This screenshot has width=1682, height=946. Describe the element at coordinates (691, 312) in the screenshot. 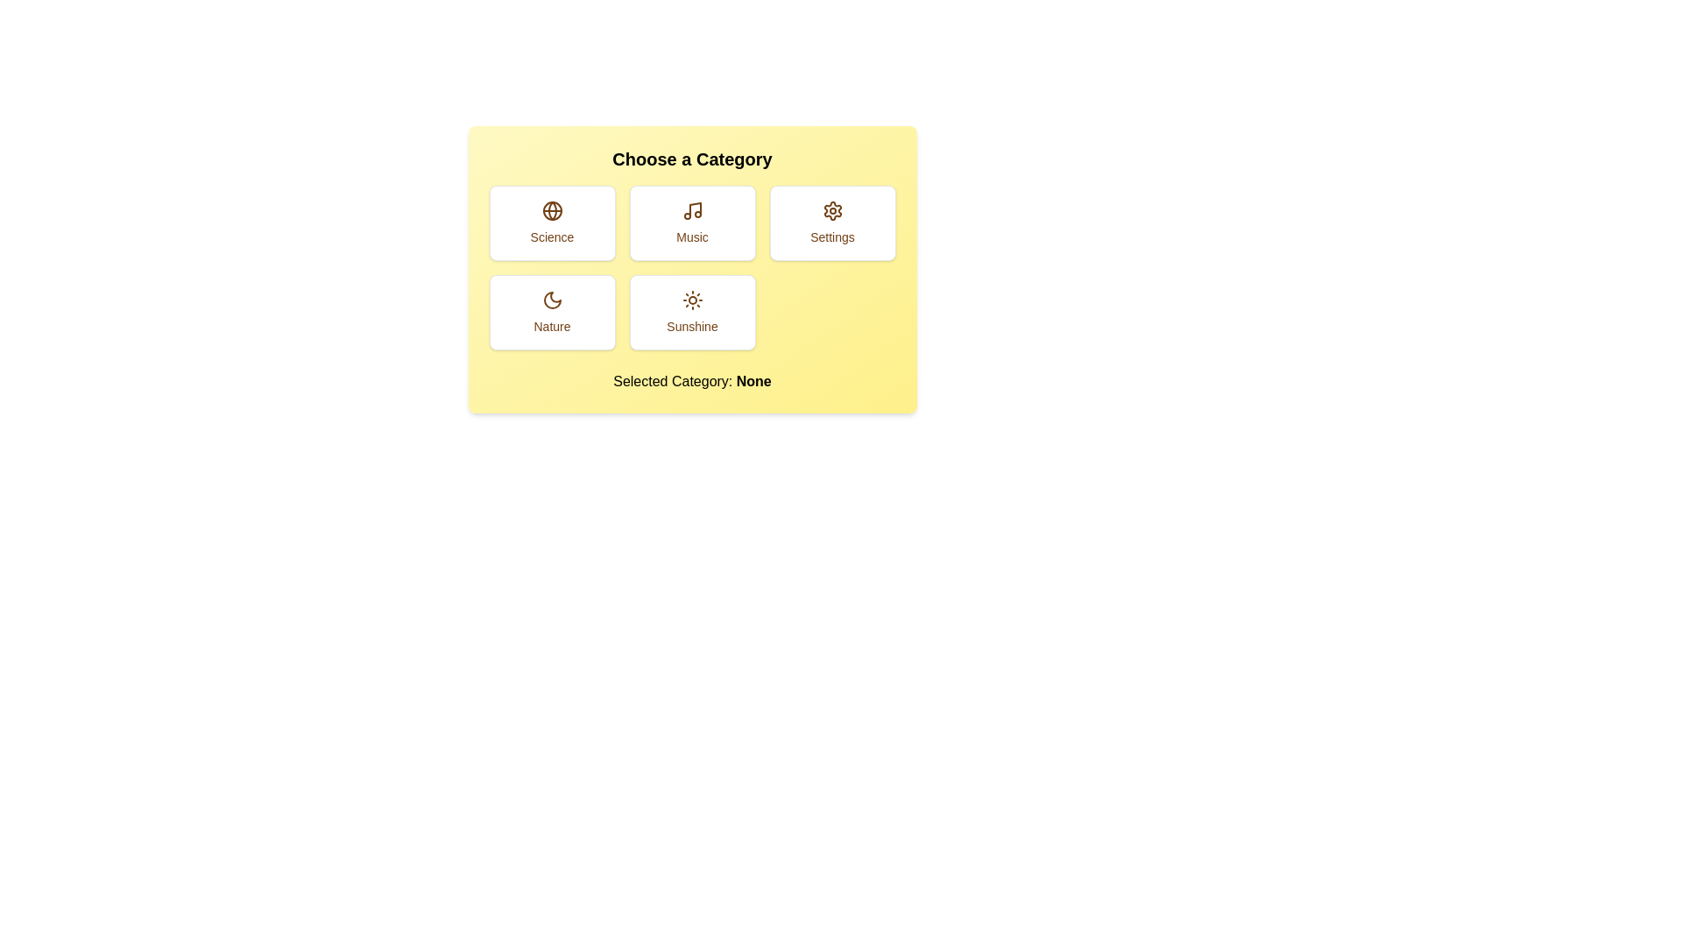

I see `the 'Sunshine' button, which is a rectangular component with a white background, rounded corners, and a sun icon, located in the bottom row of the grid structure` at that location.